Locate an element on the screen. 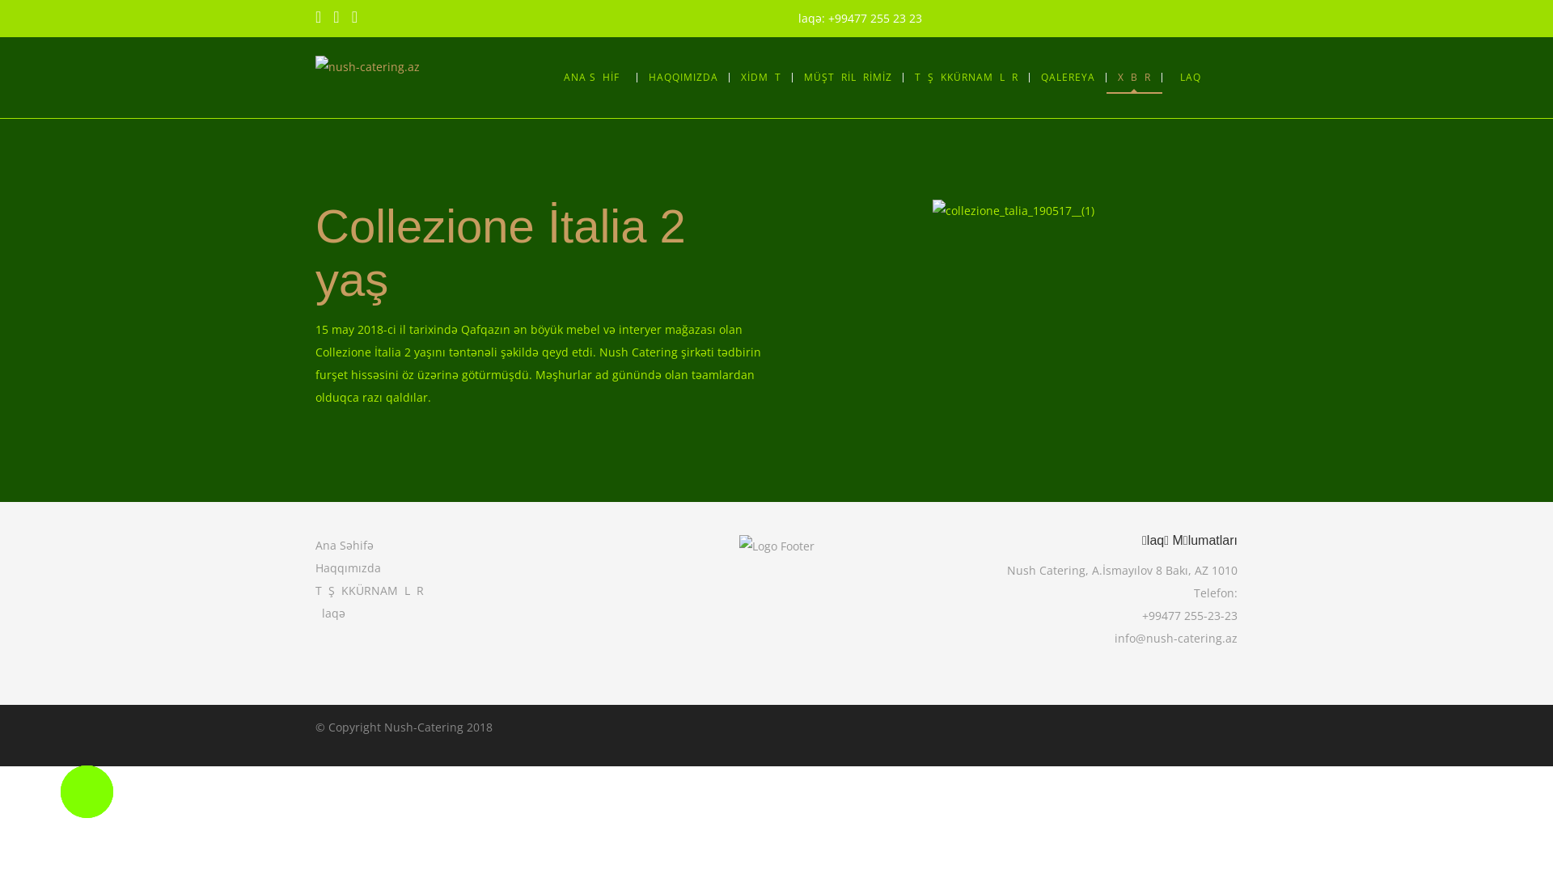 The height and width of the screenshot is (873, 1553). 'QALEREYA' is located at coordinates (1067, 78).